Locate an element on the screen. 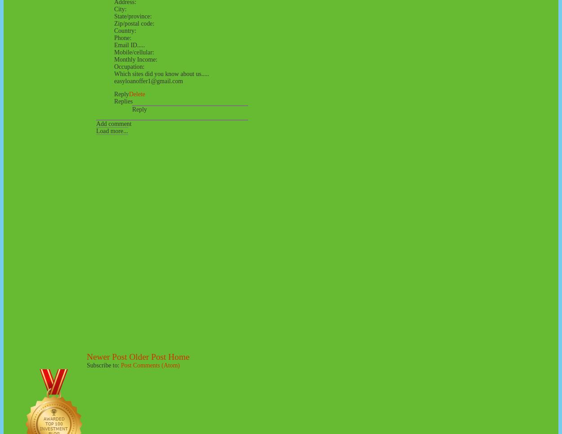 This screenshot has width=562, height=434. 'Replies' is located at coordinates (123, 101).